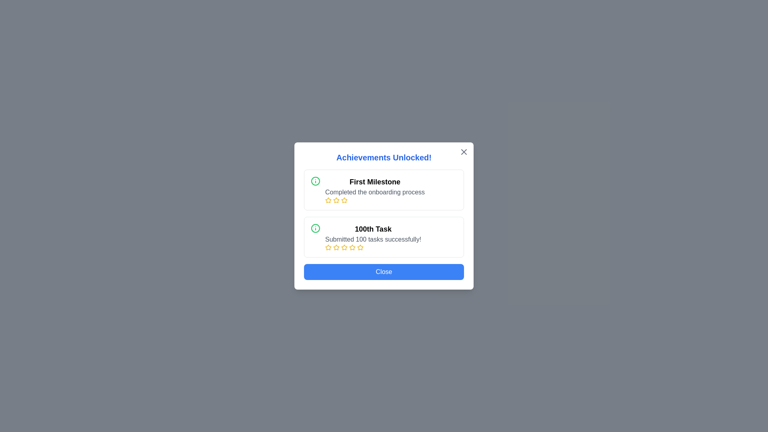 Image resolution: width=768 pixels, height=432 pixels. I want to click on the second star-shaped graphic icon filled in yellow, located below the text 'First Milestone' in the modal dialog box, so click(336, 200).